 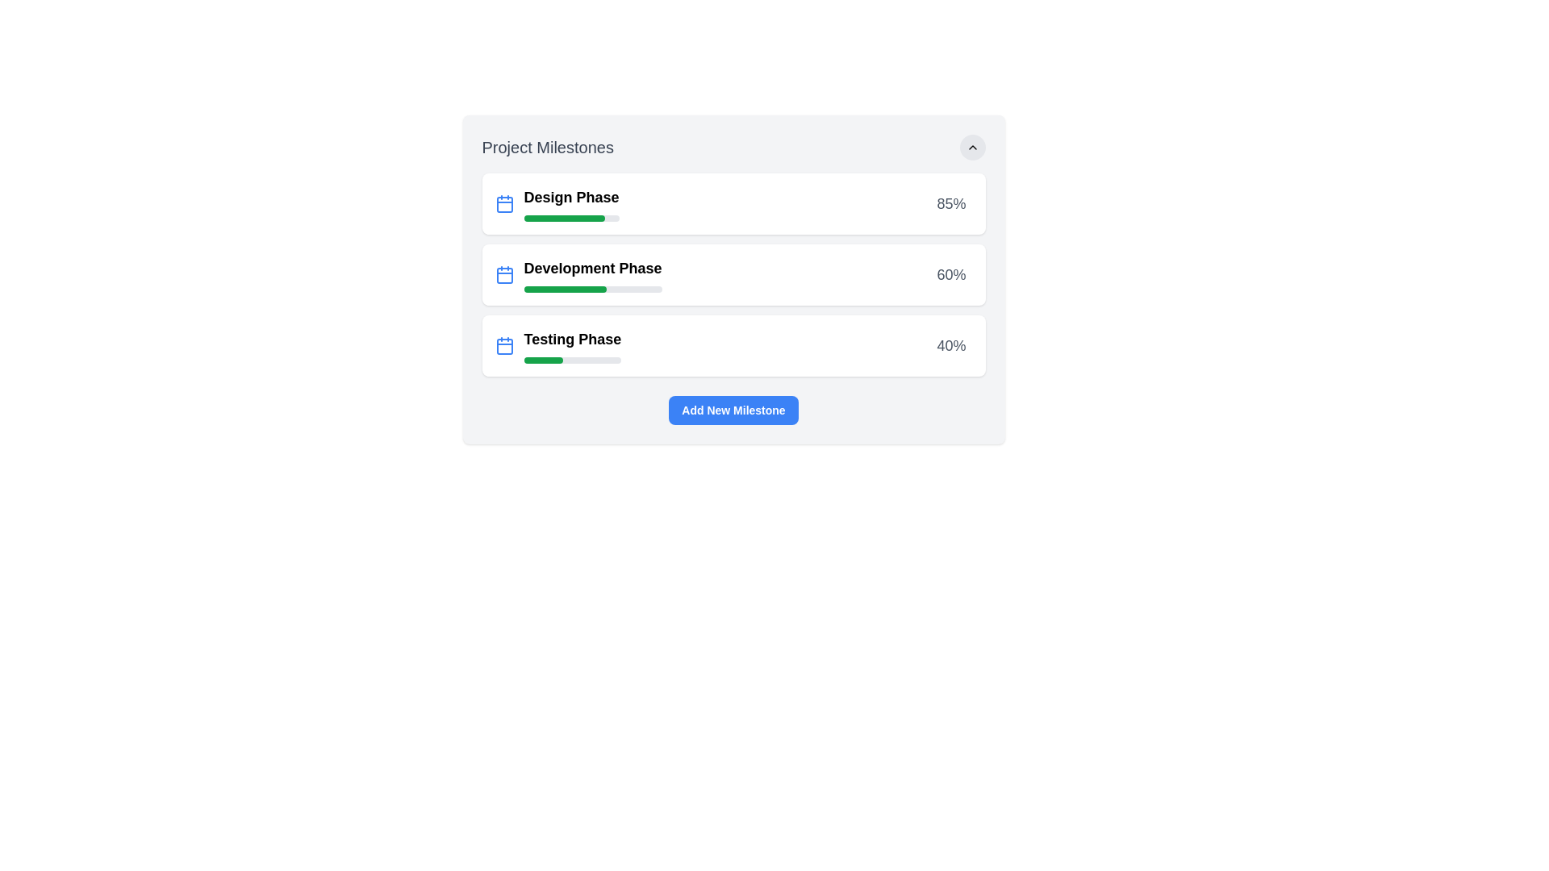 I want to click on the progress bar representing the 'Development Phase' milestone, which visually indicates the completed portion in green and the remaining portion in gray, located directly below the text 'Development Phase' and above the numeric indicator '60%.', so click(x=591, y=288).